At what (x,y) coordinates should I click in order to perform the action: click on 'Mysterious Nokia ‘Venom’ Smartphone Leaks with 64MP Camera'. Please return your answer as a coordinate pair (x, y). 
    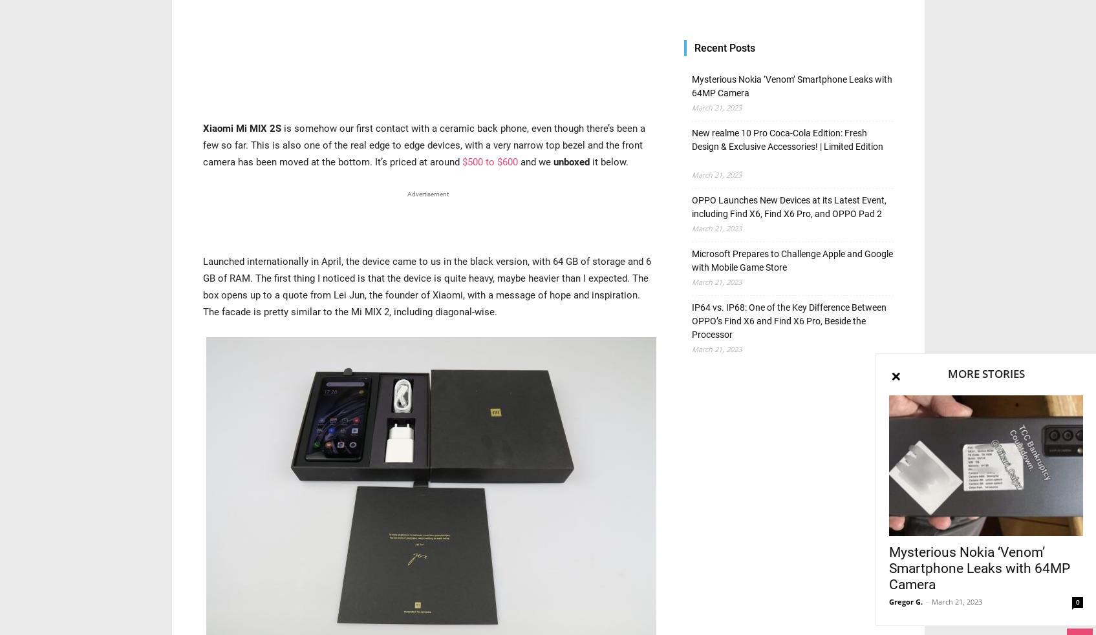
    Looking at the image, I should click on (791, 85).